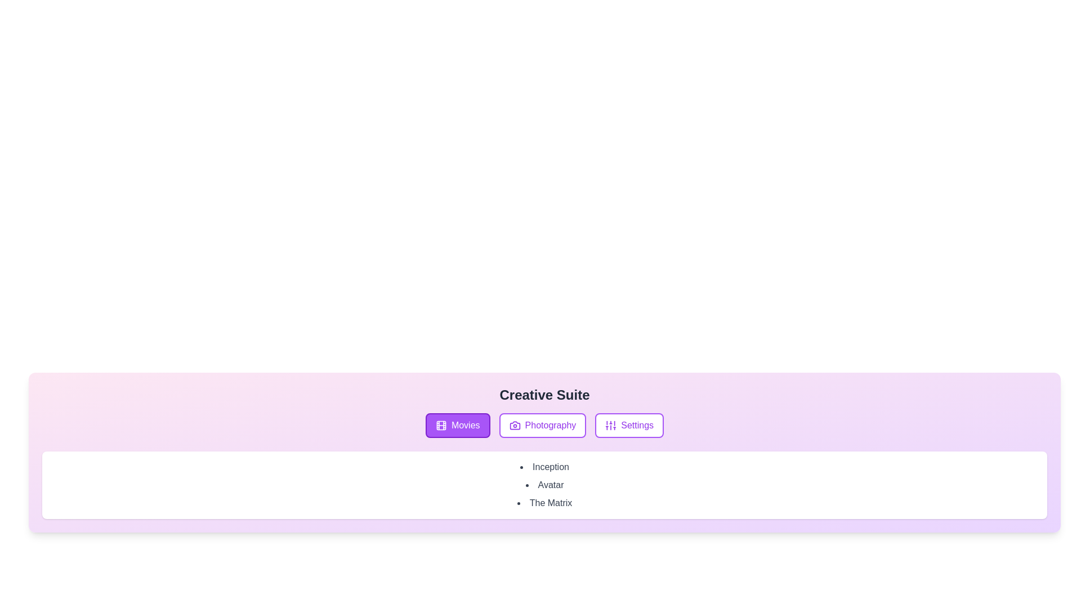 The height and width of the screenshot is (608, 1081). What do you see at coordinates (610, 426) in the screenshot?
I see `the vertically oriented sliders icon, which is styled with a thin purple line and located to the left of the 'Settings' label` at bounding box center [610, 426].